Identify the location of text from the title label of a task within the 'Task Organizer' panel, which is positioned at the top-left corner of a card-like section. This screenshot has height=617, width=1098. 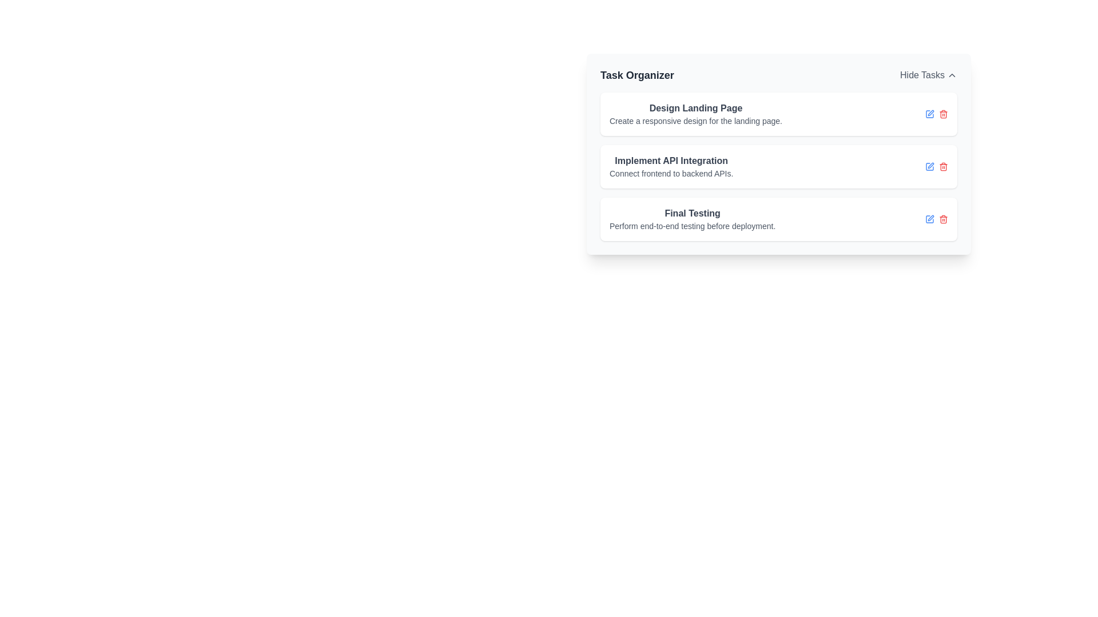
(695, 108).